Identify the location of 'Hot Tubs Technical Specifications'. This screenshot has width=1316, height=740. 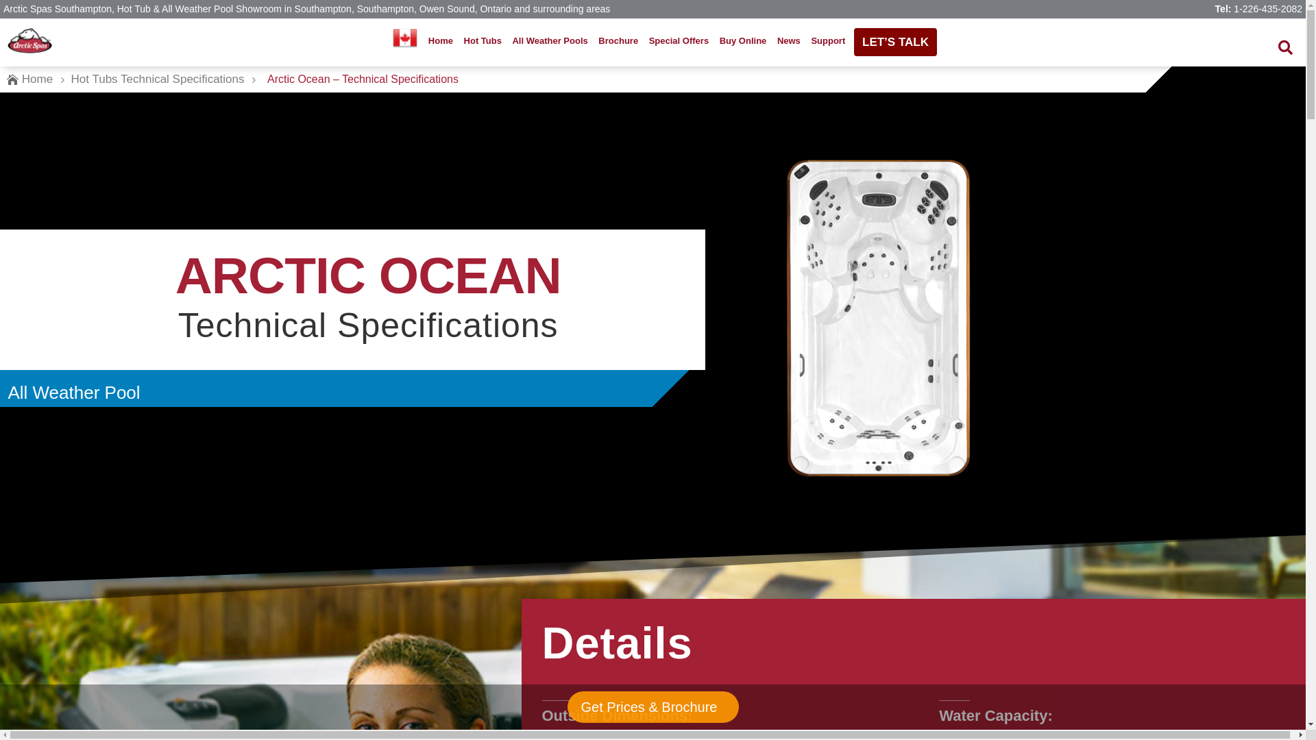
(158, 79).